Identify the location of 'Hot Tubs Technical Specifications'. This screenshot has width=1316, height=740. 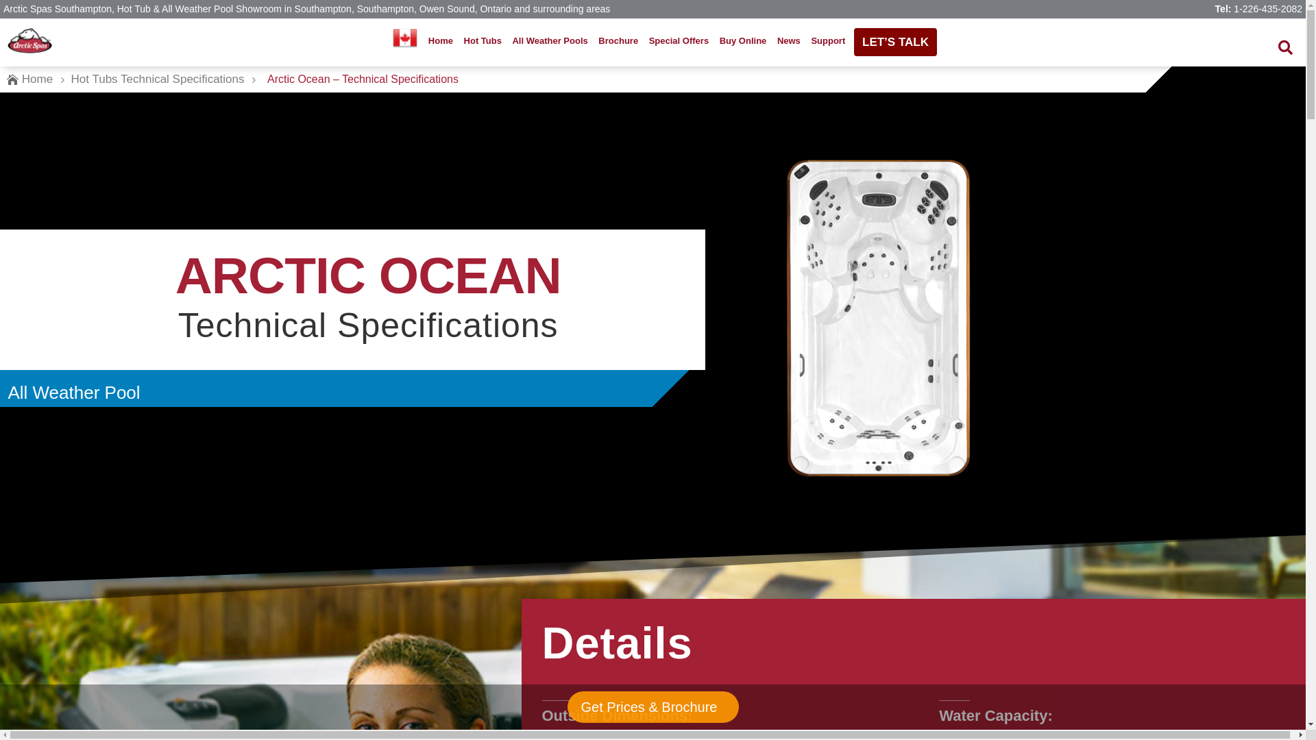
(158, 79).